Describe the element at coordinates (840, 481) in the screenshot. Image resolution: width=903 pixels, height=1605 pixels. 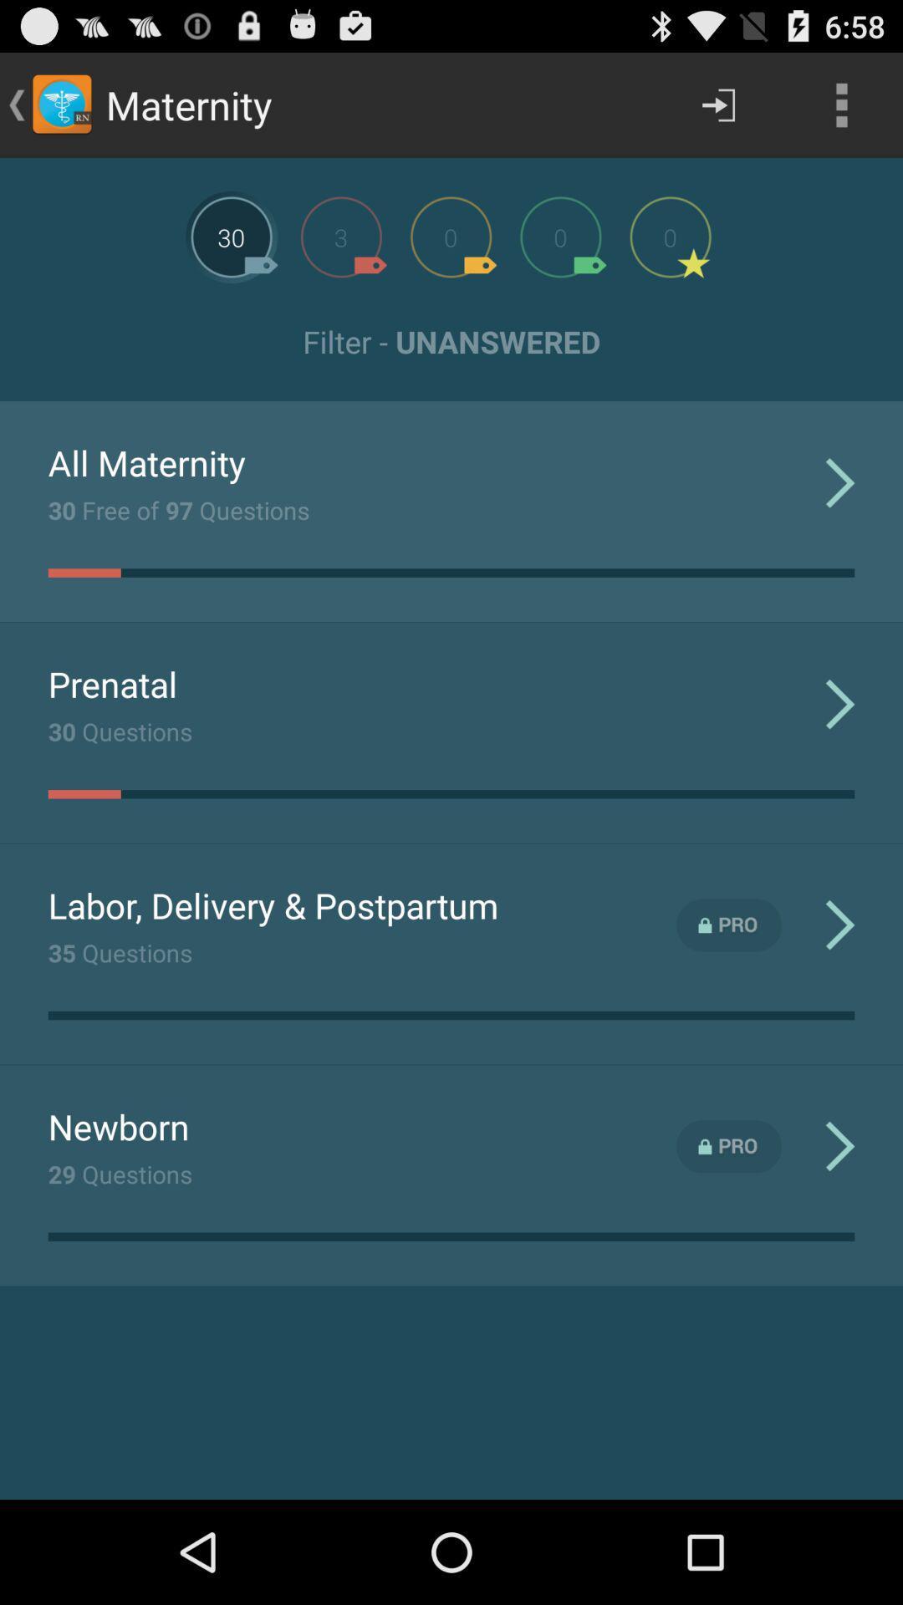
I see `the first arrow` at that location.